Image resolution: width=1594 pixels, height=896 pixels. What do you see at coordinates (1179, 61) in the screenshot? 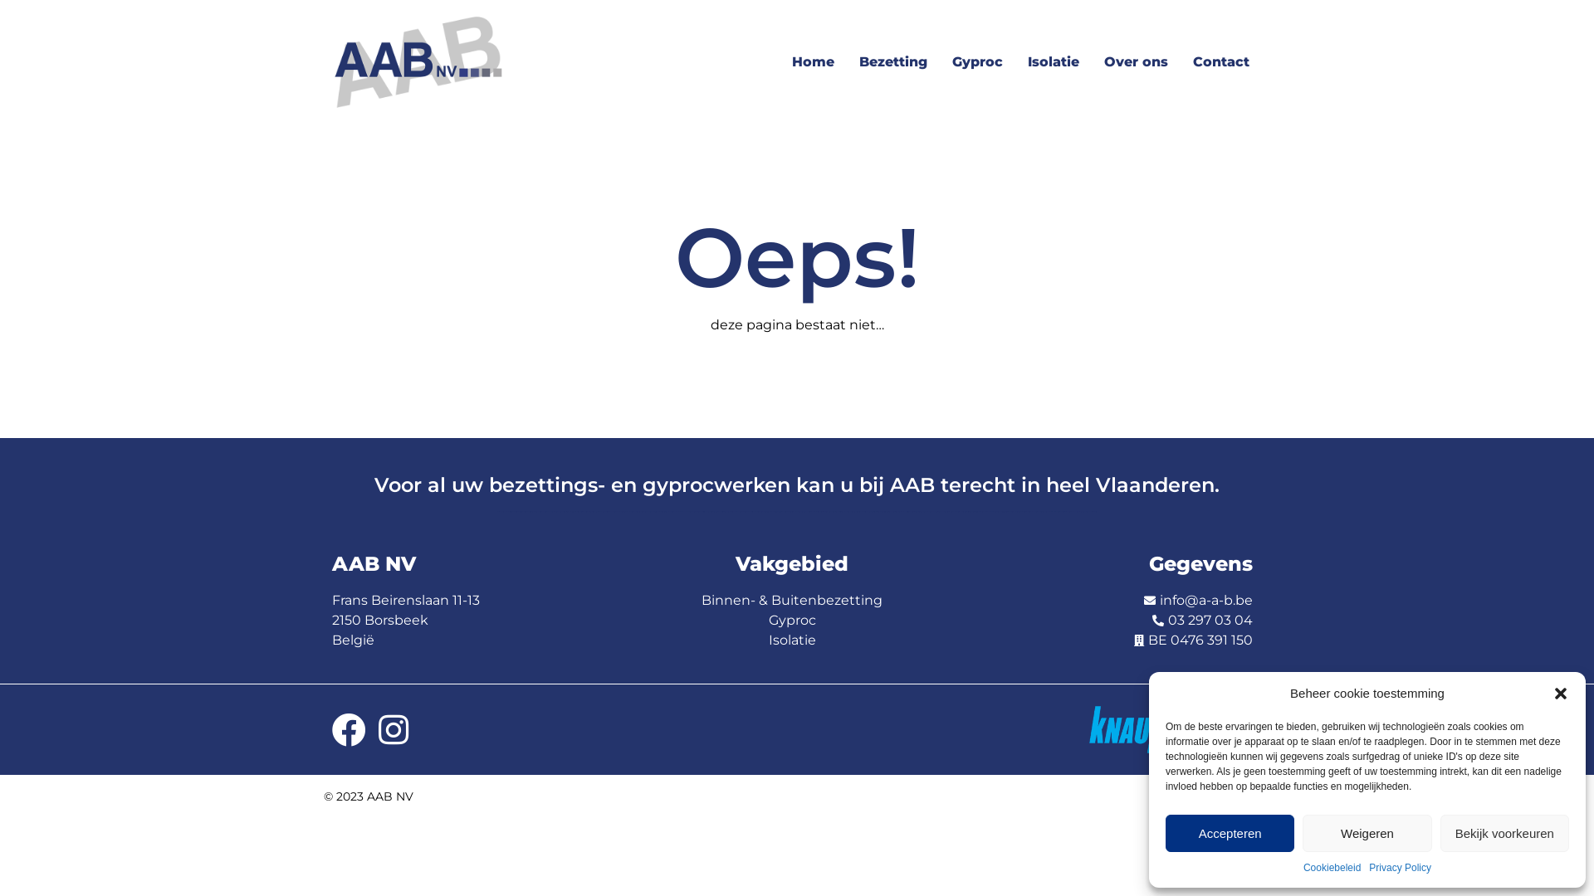
I see `'Contact'` at bounding box center [1179, 61].